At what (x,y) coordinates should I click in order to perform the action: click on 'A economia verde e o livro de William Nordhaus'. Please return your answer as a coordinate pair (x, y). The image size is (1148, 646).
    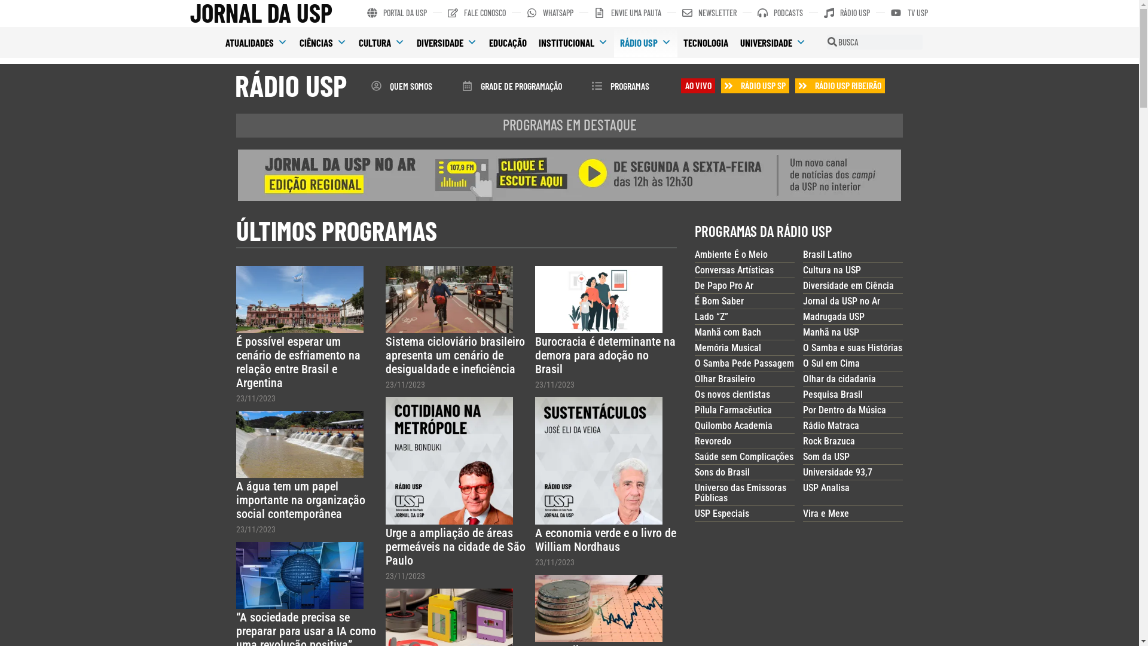
    Looking at the image, I should click on (605, 540).